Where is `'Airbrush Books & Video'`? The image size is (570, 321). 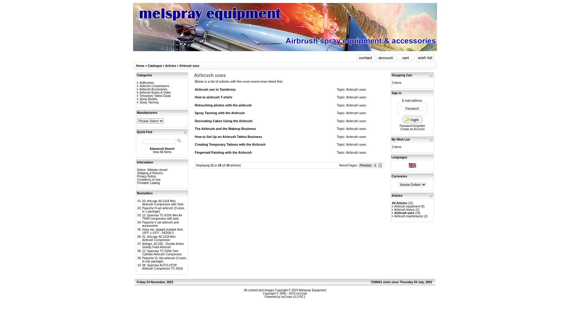 'Airbrush Books & Video' is located at coordinates (154, 92).